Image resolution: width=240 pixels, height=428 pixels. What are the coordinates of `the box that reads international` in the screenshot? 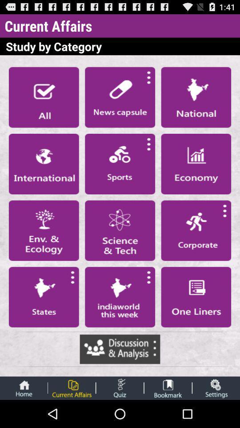 It's located at (43, 163).